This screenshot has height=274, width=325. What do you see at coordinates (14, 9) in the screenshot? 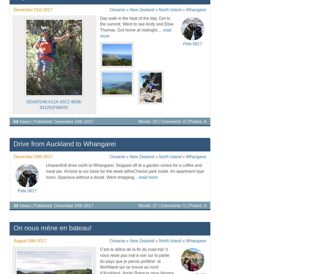
I see `'December 21st 2017'` at bounding box center [14, 9].